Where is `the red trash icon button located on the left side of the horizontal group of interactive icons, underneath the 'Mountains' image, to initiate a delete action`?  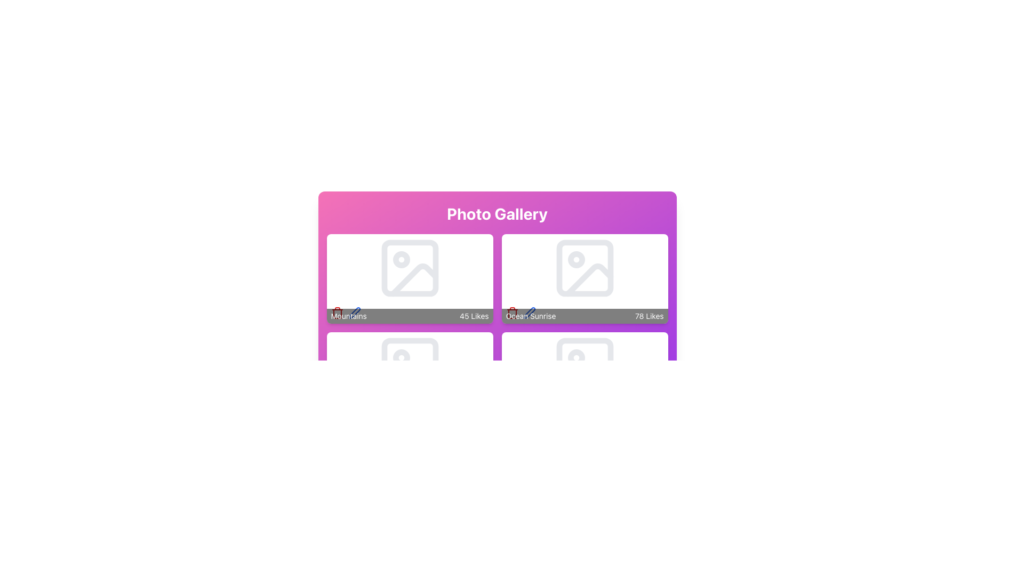 the red trash icon button located on the left side of the horizontal group of interactive icons, underneath the 'Mountains' image, to initiate a delete action is located at coordinates (512, 411).